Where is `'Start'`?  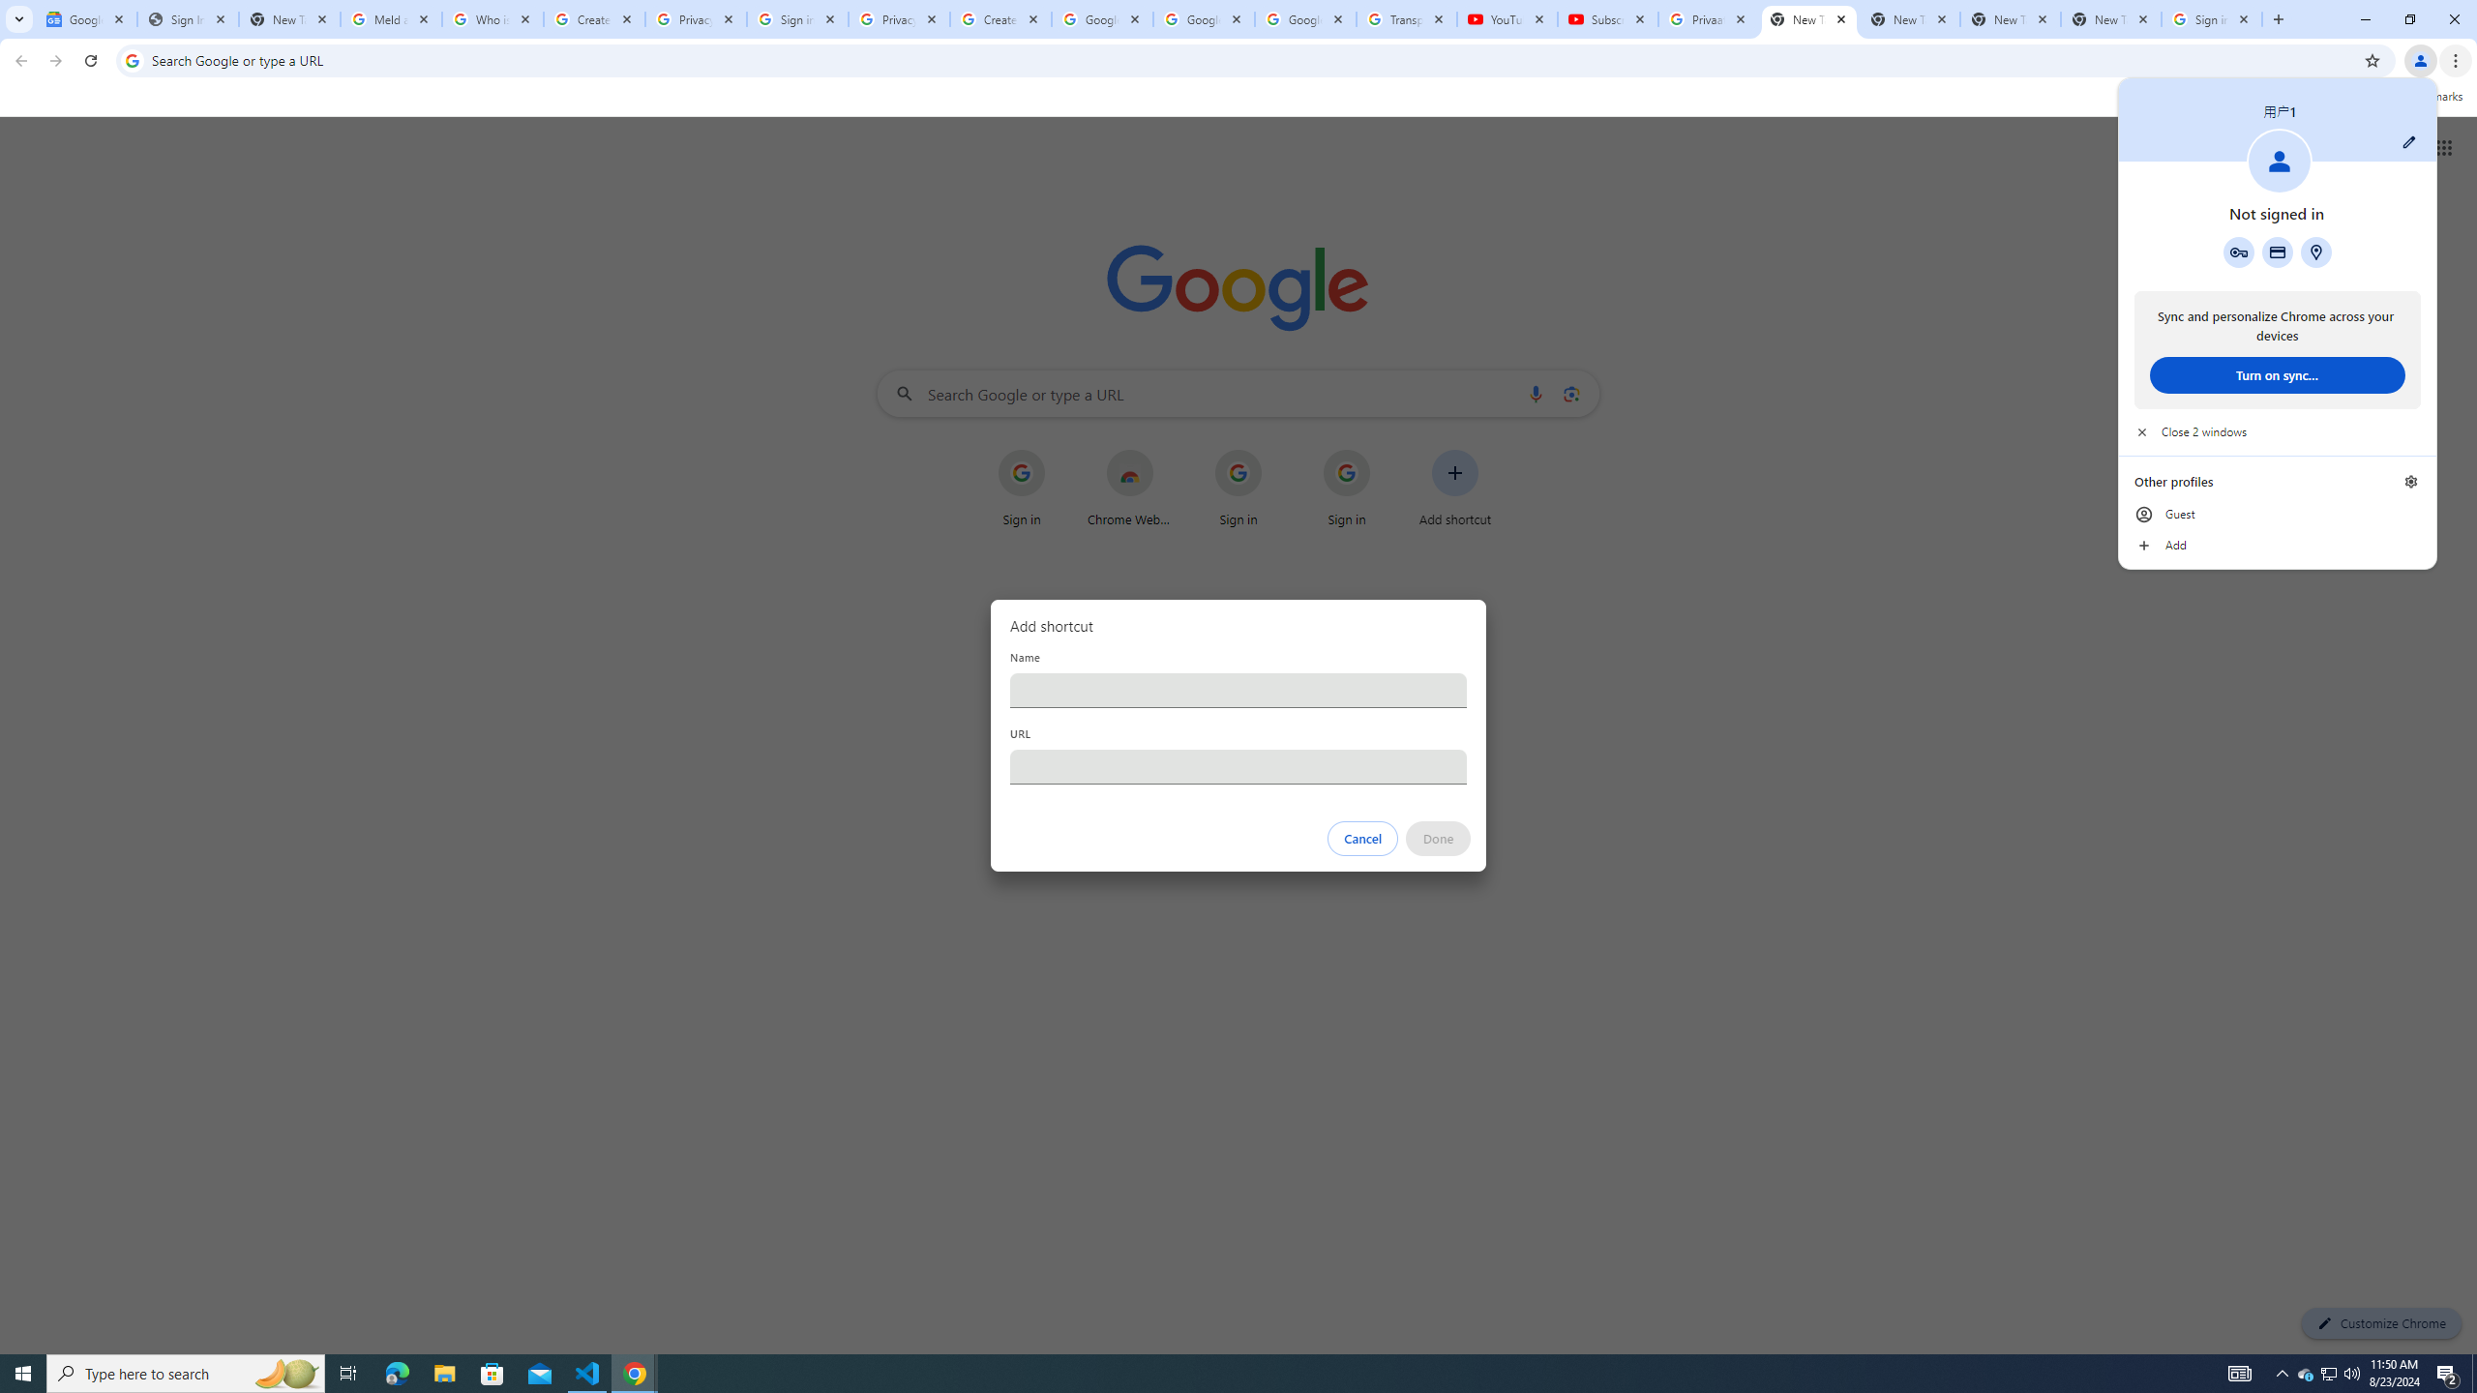 'Start' is located at coordinates (23, 1372).